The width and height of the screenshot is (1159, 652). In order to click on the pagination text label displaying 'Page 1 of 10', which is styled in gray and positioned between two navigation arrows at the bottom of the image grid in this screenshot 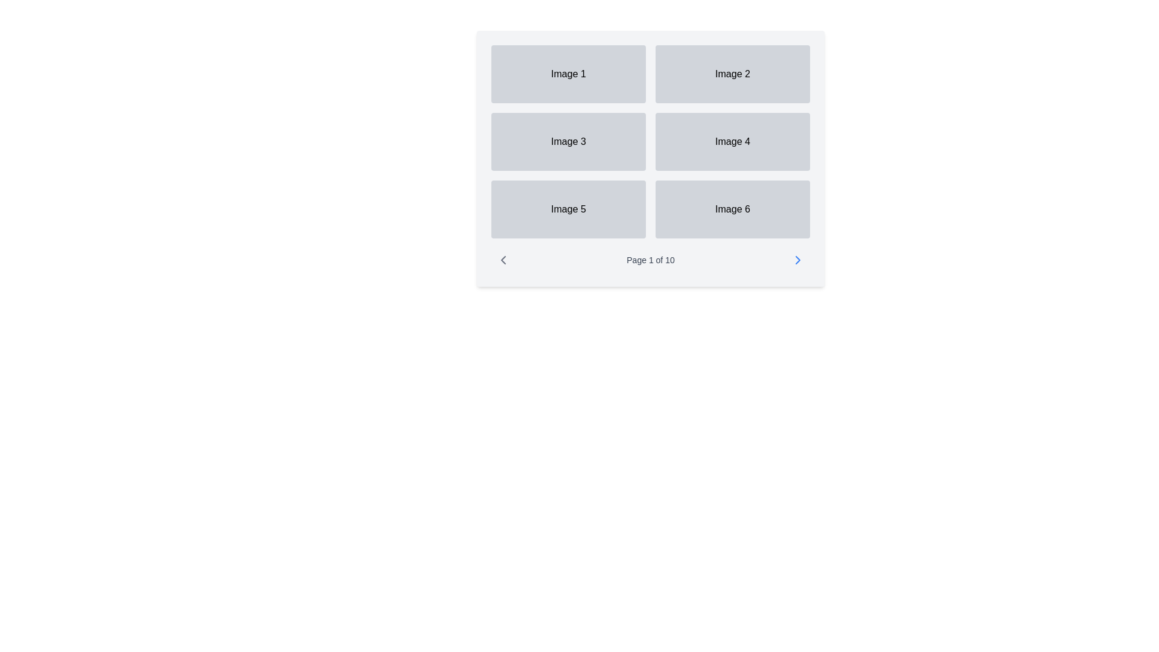, I will do `click(650, 260)`.